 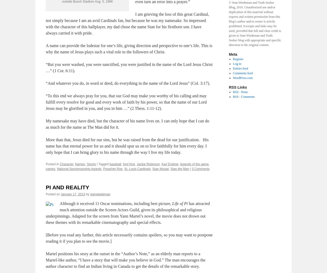 What do you see at coordinates (128, 48) in the screenshot?
I see `'A name can provide the lodestar for one’s life, giving direction and perspective to one’s life. This is why the name of Jesus plays such a vital role to the followers of Christ.'` at bounding box center [128, 48].